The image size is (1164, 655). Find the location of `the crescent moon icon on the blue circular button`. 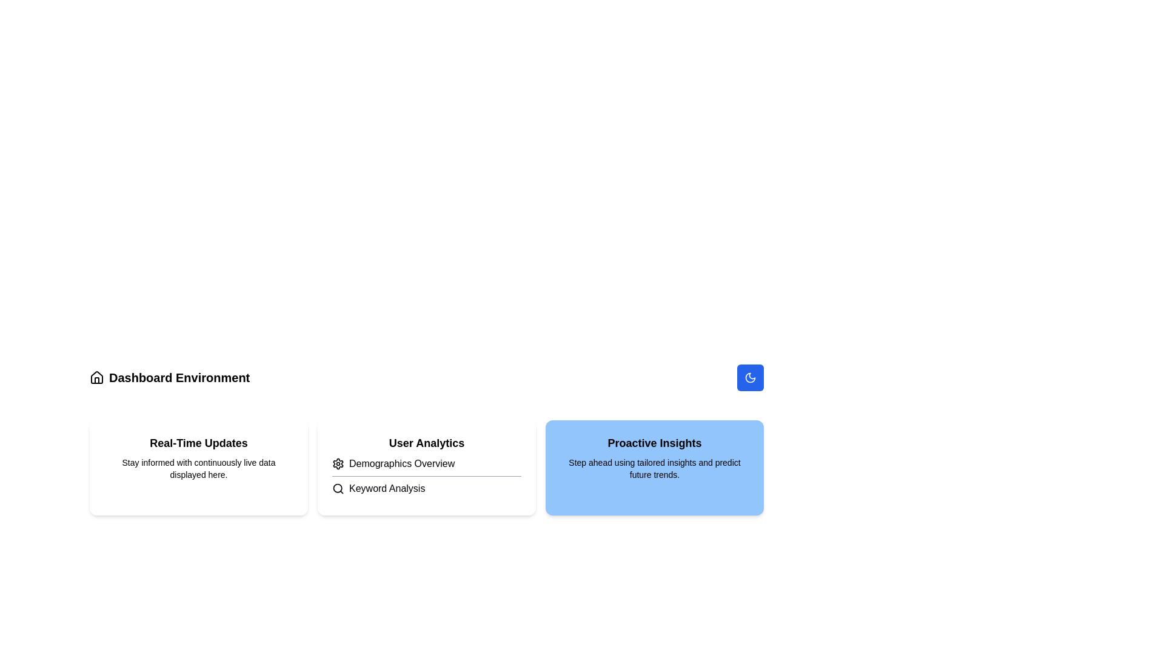

the crescent moon icon on the blue circular button is located at coordinates (750, 377).